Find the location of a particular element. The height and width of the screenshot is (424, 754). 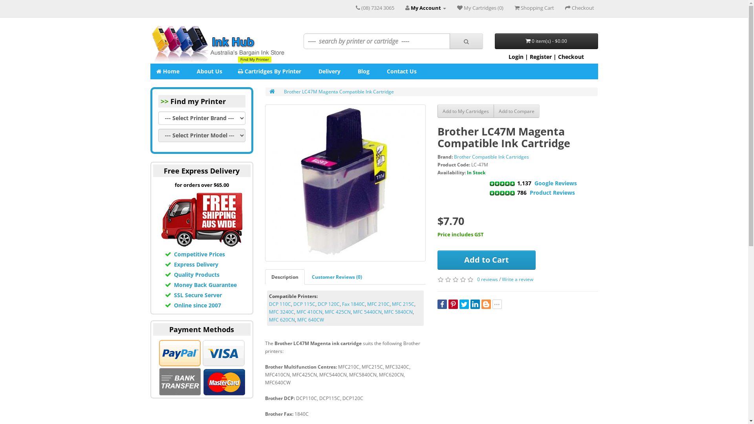

'Login' is located at coordinates (509, 56).